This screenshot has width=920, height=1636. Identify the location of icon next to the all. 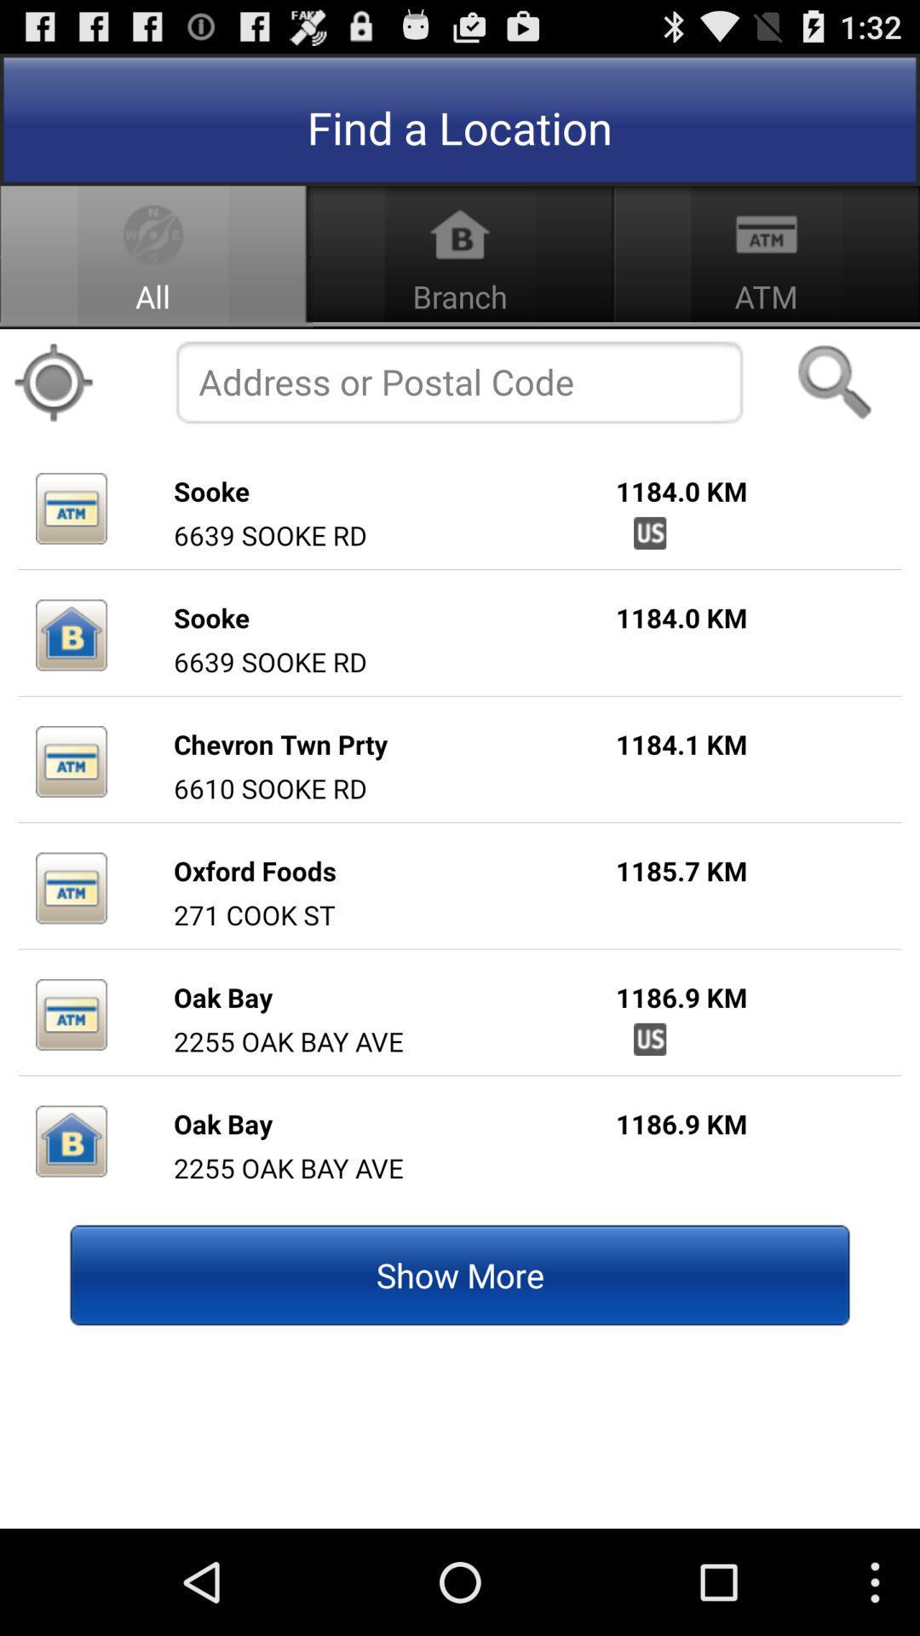
(52, 382).